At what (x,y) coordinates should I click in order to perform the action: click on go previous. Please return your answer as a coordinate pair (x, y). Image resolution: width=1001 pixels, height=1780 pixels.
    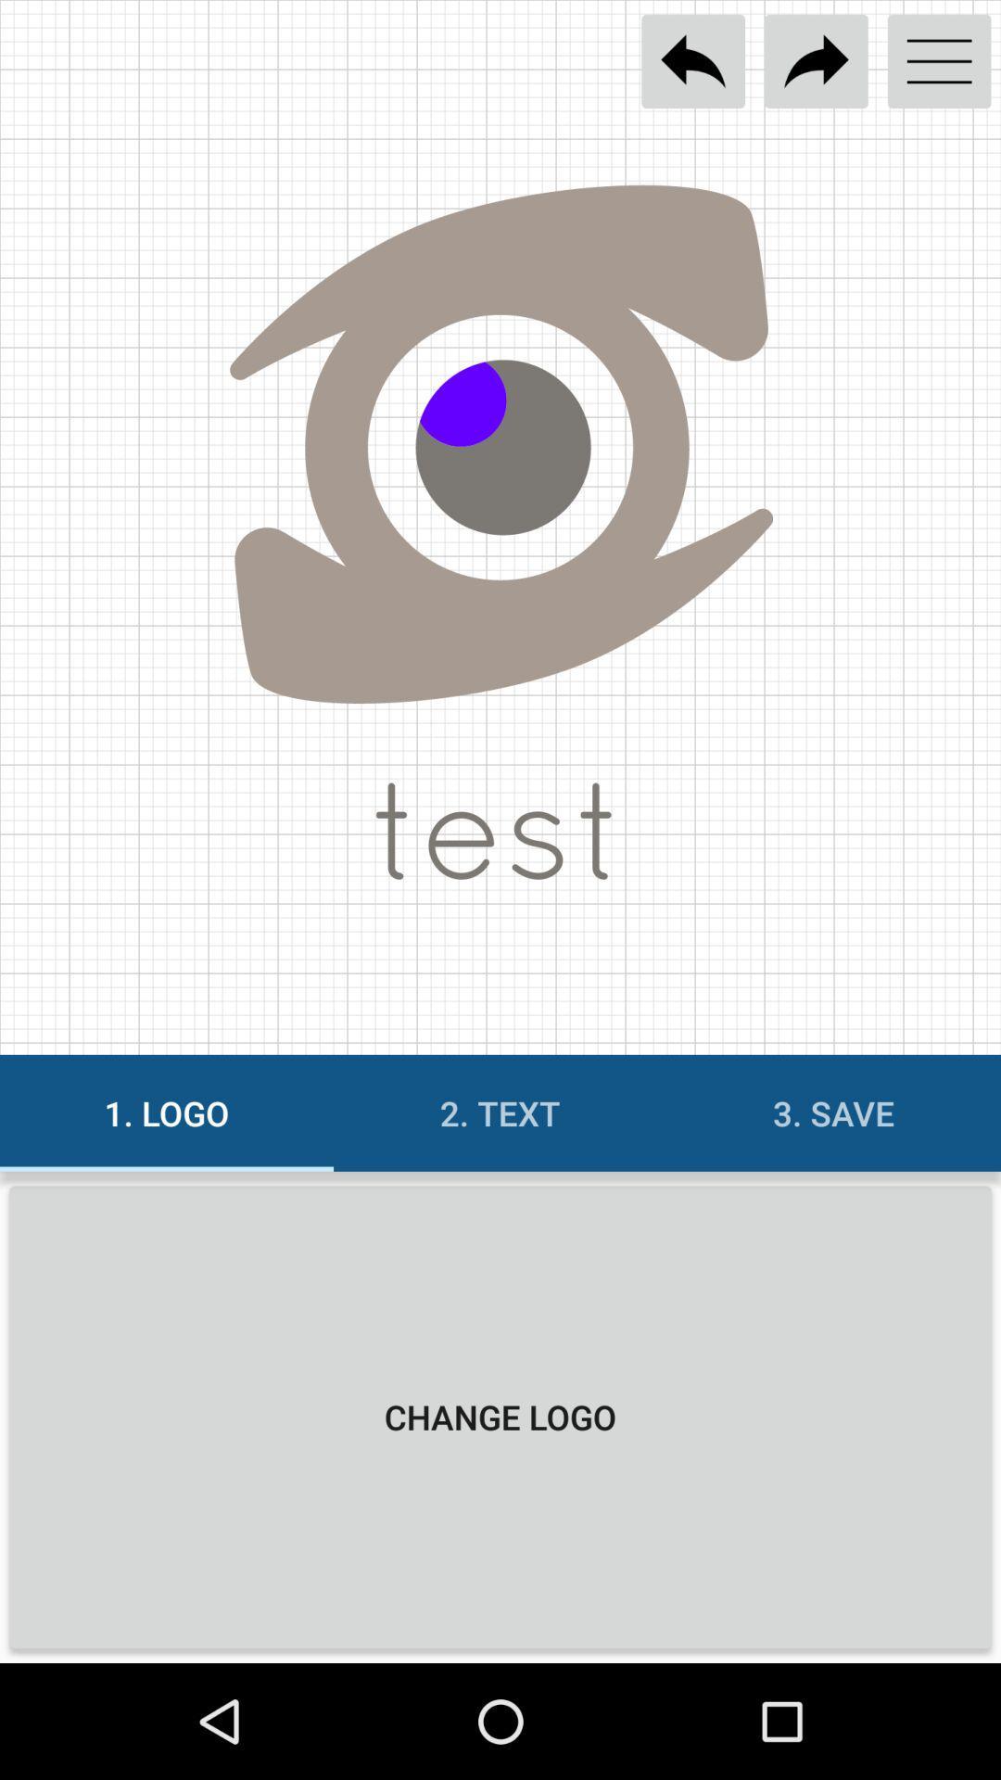
    Looking at the image, I should click on (693, 61).